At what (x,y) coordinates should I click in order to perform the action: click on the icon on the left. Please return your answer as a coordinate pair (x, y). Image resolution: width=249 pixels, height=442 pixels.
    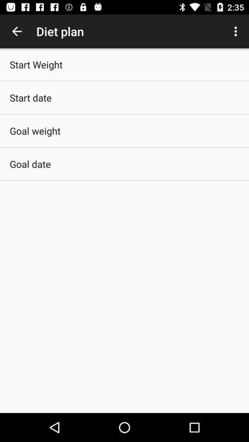
    Looking at the image, I should click on (30, 164).